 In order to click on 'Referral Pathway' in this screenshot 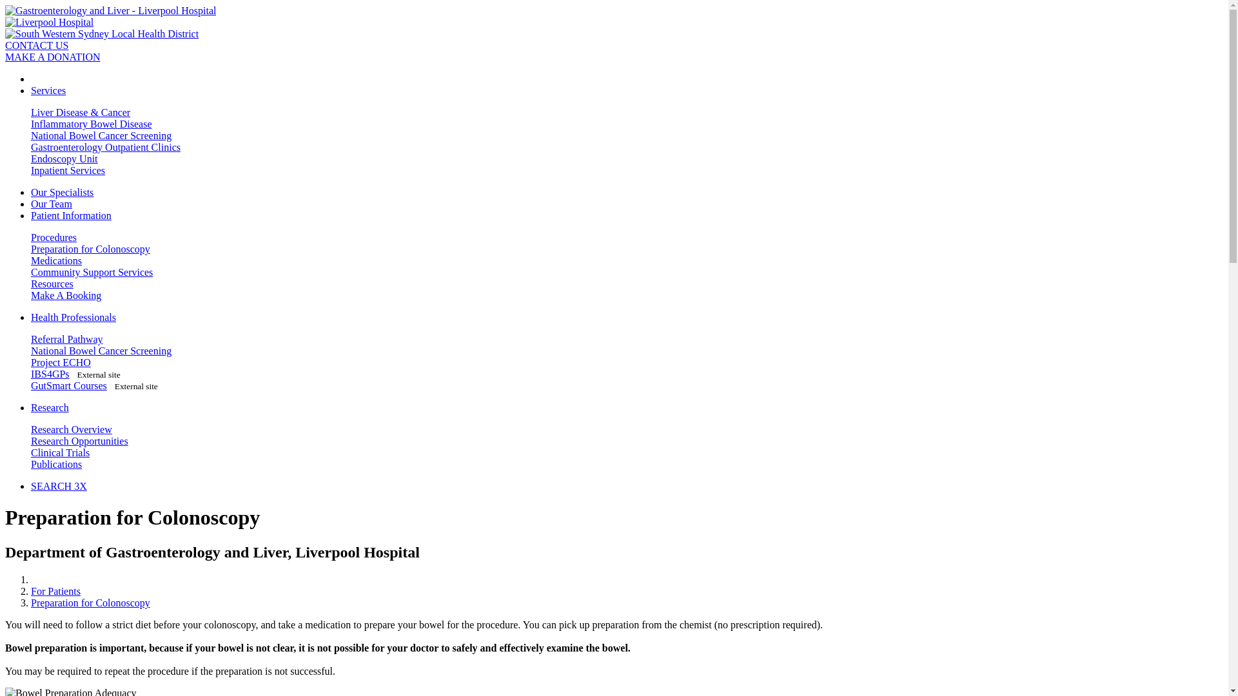, I will do `click(66, 338)`.